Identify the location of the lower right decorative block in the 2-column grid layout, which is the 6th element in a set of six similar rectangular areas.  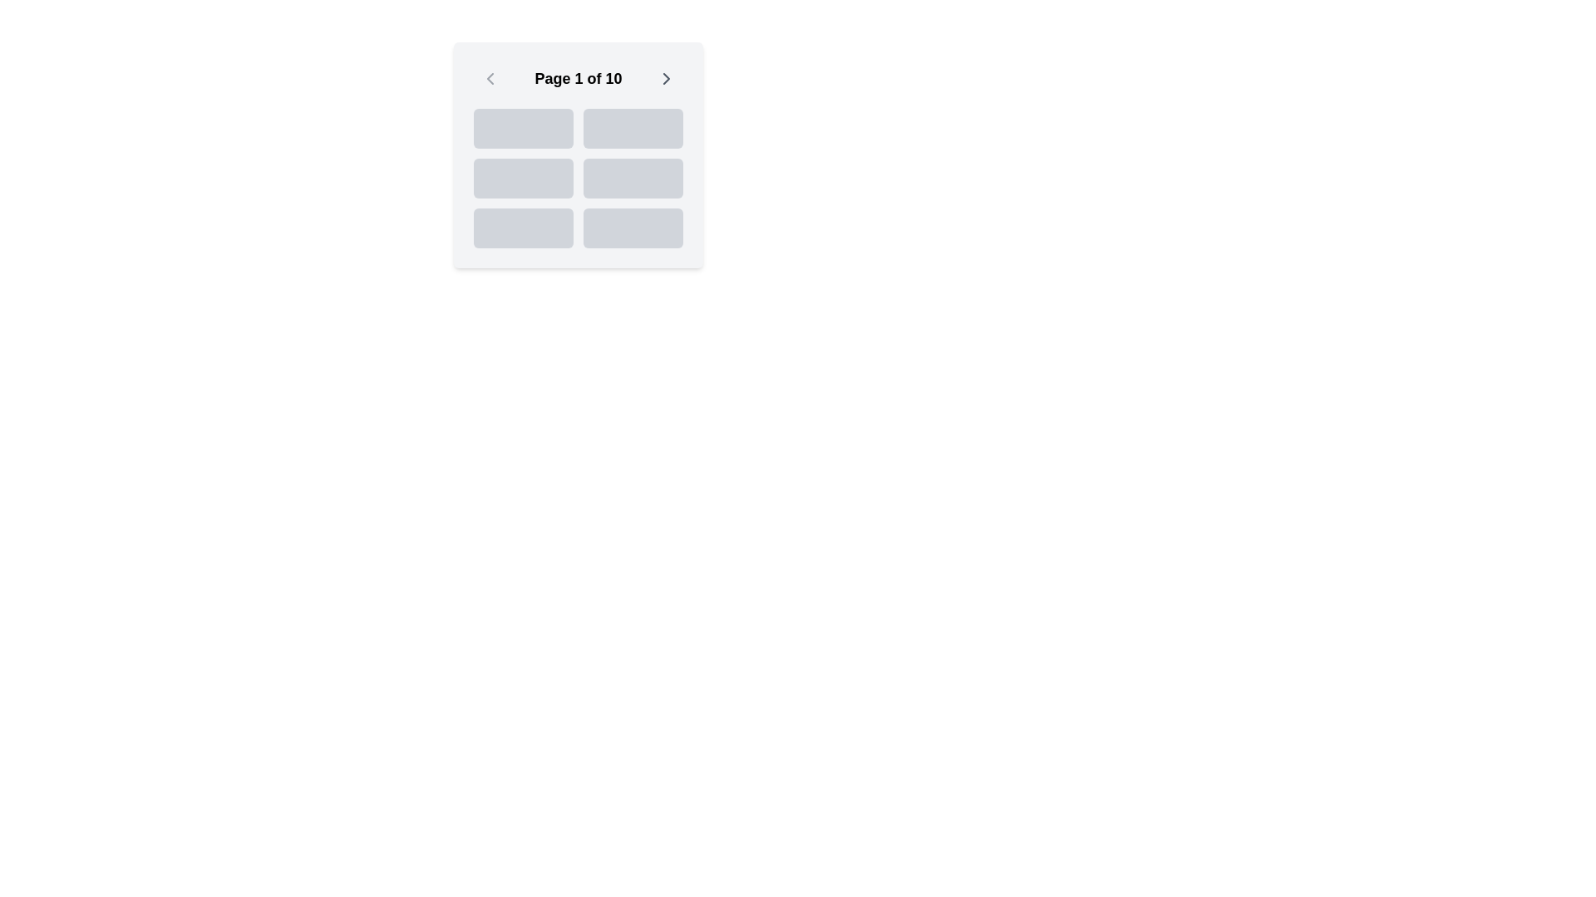
(633, 228).